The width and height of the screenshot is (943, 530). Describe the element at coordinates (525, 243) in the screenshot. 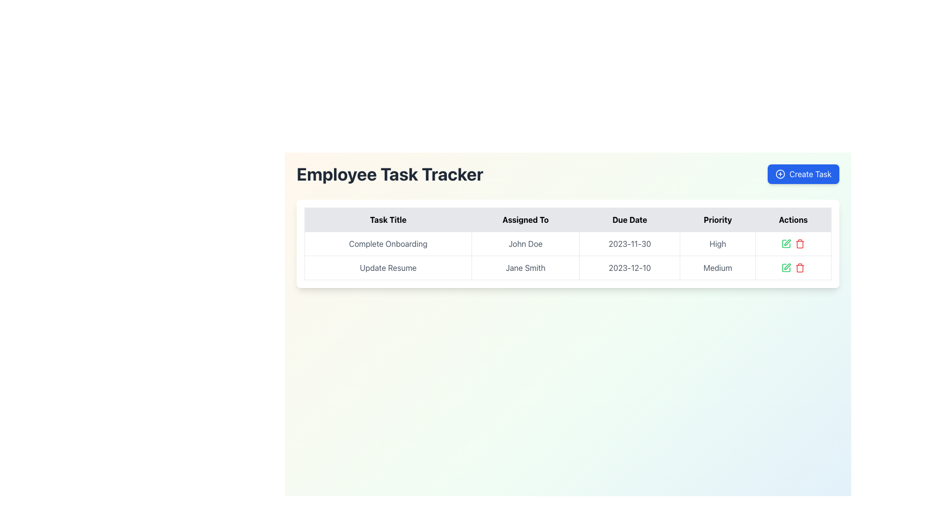

I see `text content of the 'Assigned To' indicator for the task 'Complete Onboarding' located in the second column of the first row of the 'Employee Task Tracker' interface` at that location.